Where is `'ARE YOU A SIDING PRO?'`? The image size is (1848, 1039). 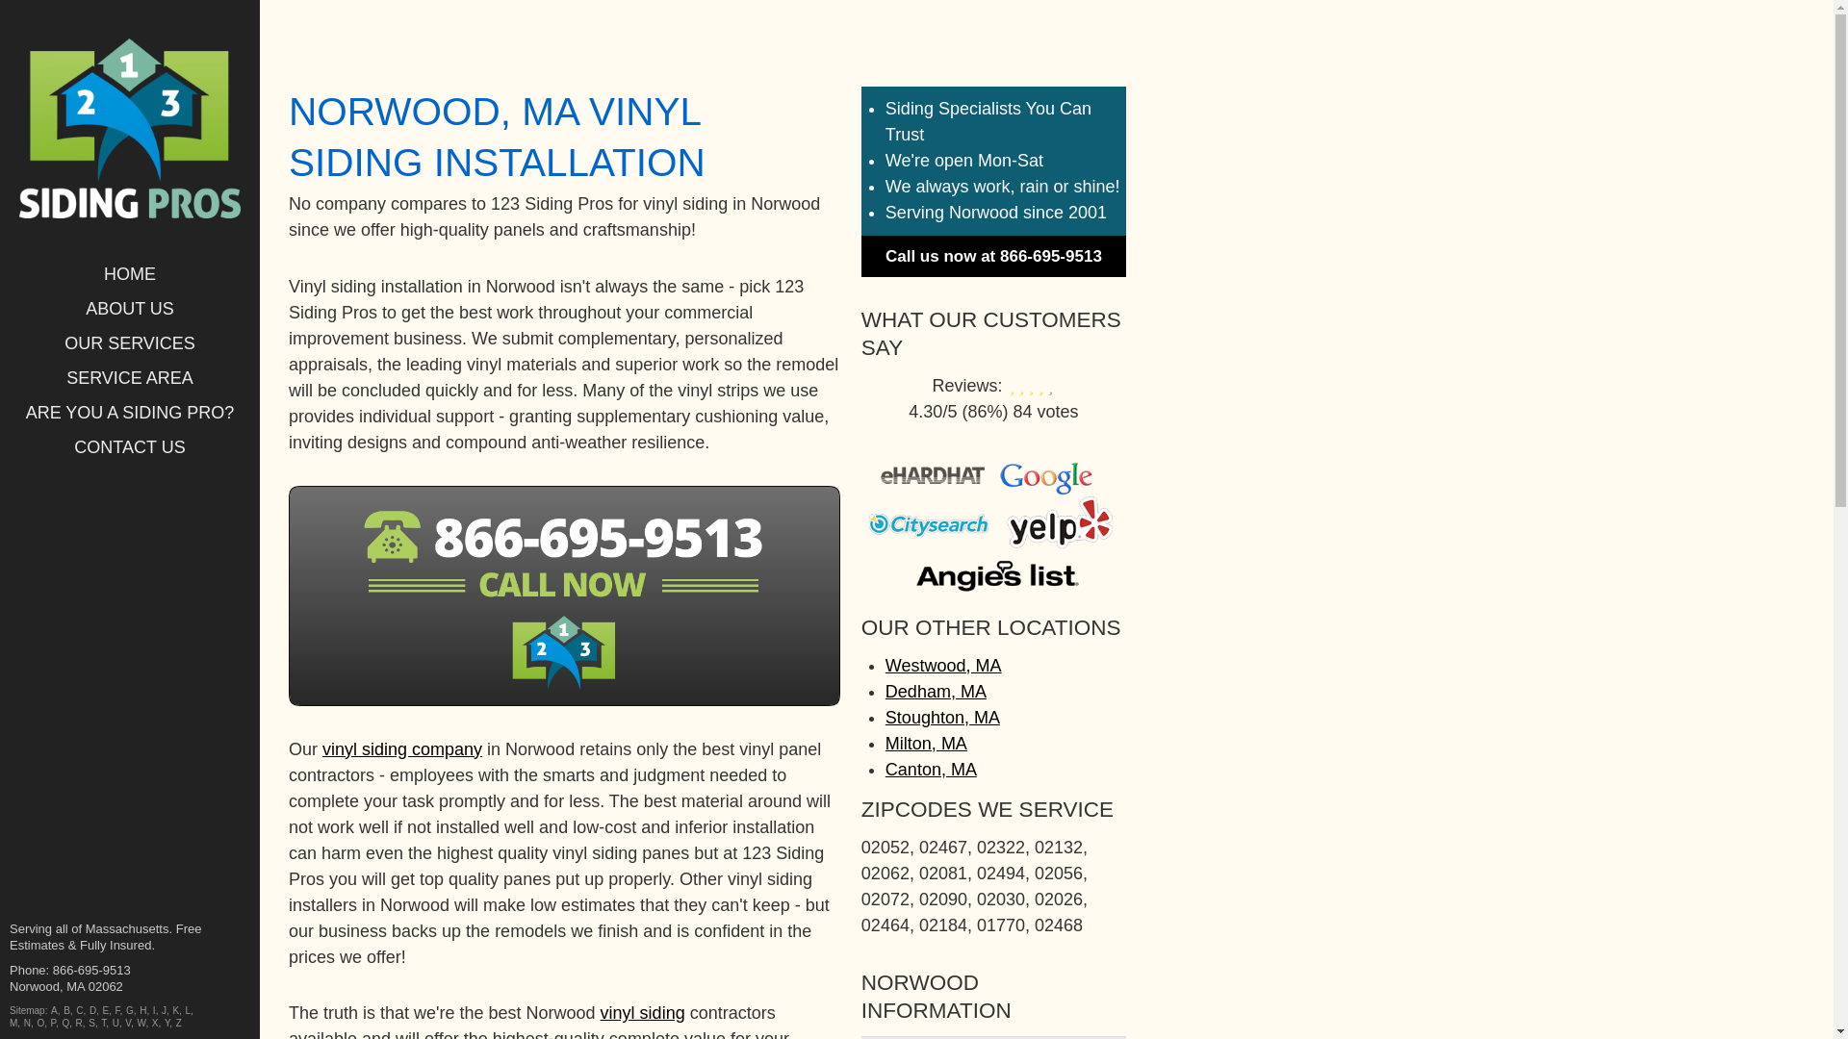 'ARE YOU A SIDING PRO?' is located at coordinates (18, 411).